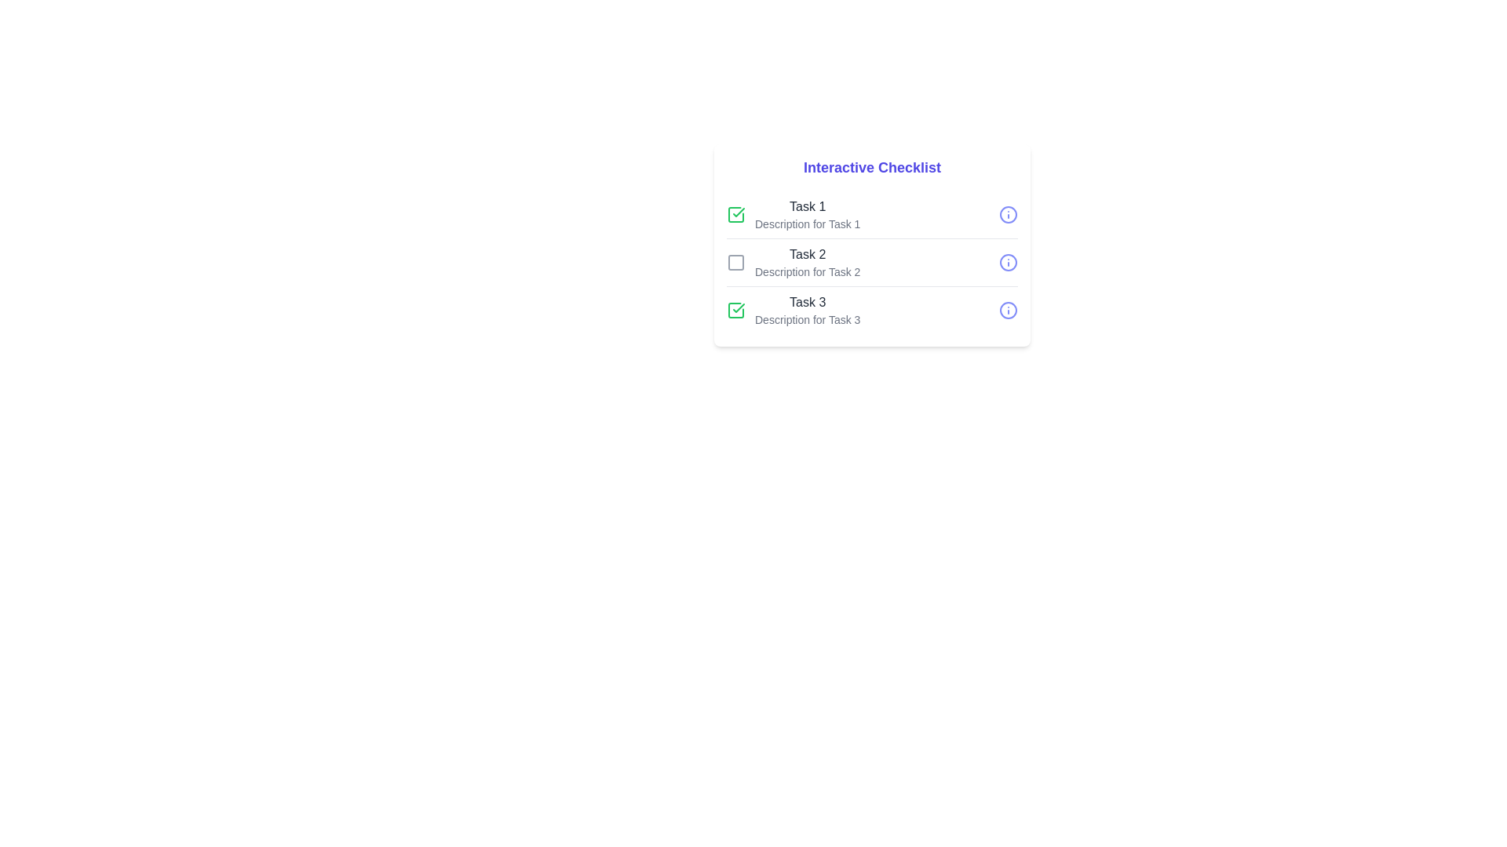 This screenshot has height=847, width=1507. What do you see at coordinates (808, 302) in the screenshot?
I see `the title text of Task 3 to select it` at bounding box center [808, 302].